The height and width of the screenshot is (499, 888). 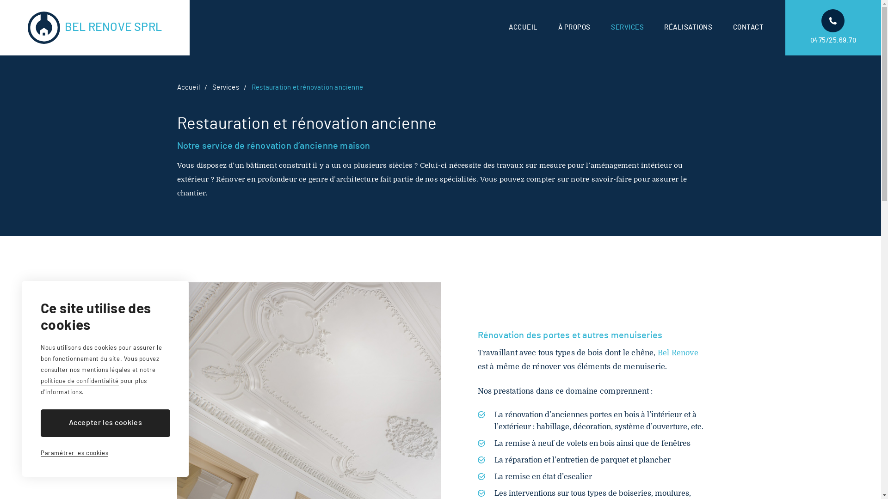 I want to click on 'BEL RENOVE SPRL', so click(x=95, y=27).